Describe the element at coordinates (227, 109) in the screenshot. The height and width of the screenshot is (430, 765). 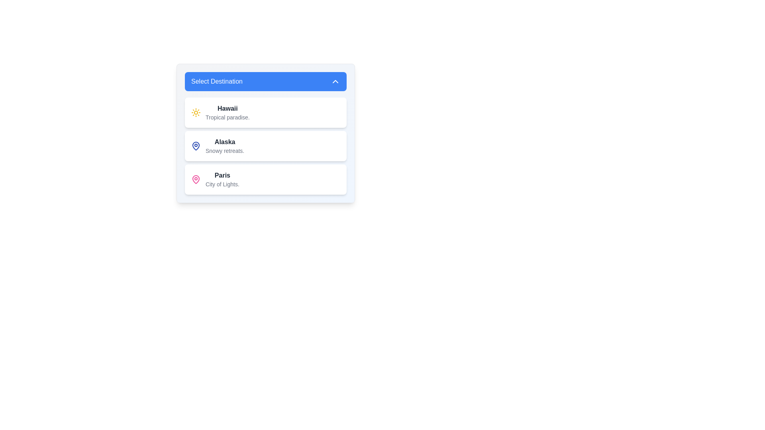
I see `the bold gray label displaying 'Hawaii' located at the top of the dropdown options` at that location.